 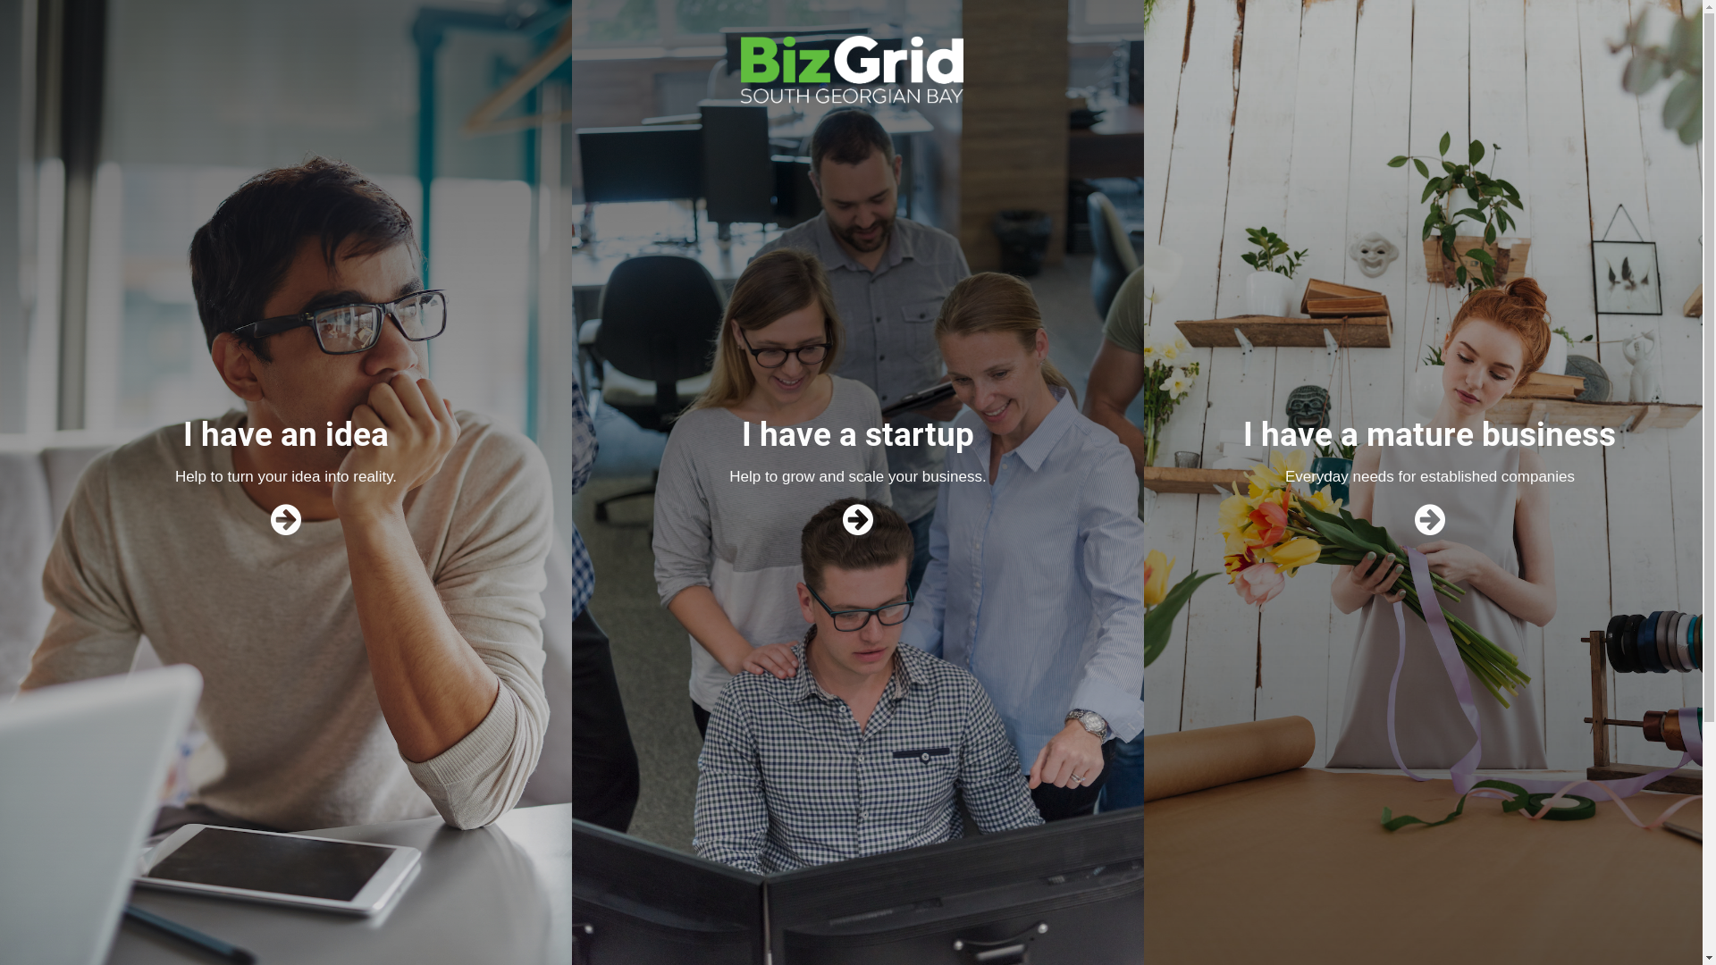 I want to click on 'I have a mature business', so click(x=1428, y=434).